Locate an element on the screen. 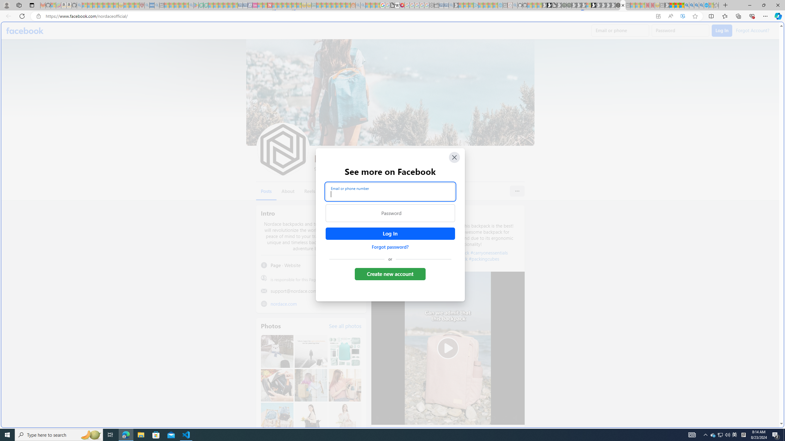  'App available. Install Facebook' is located at coordinates (658, 16).